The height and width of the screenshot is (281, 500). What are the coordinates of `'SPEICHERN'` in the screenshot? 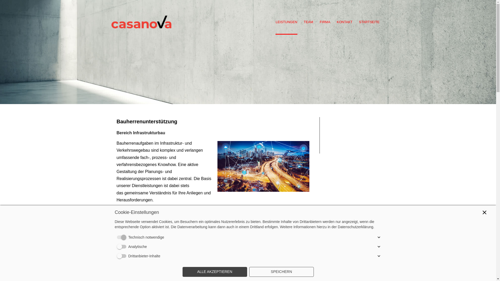 It's located at (281, 272).